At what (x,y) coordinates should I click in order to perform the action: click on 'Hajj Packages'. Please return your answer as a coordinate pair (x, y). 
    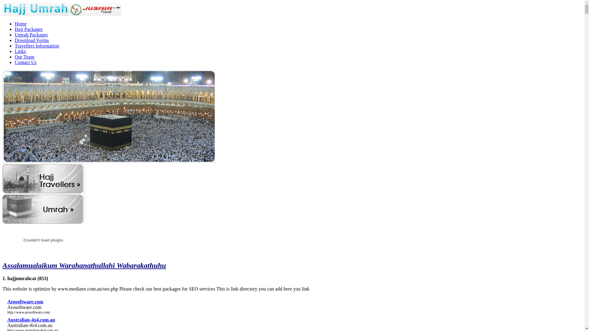
    Looking at the image, I should click on (15, 29).